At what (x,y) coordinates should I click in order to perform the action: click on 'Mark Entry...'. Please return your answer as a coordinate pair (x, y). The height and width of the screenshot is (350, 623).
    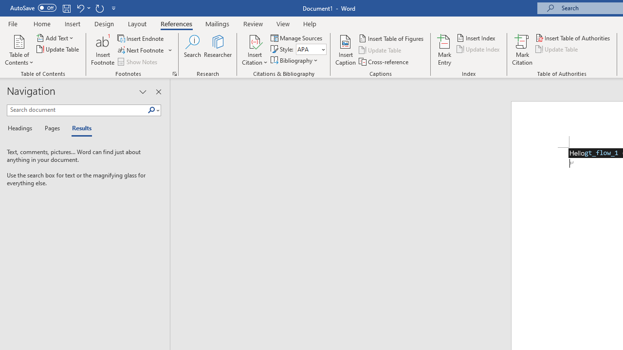
    Looking at the image, I should click on (444, 50).